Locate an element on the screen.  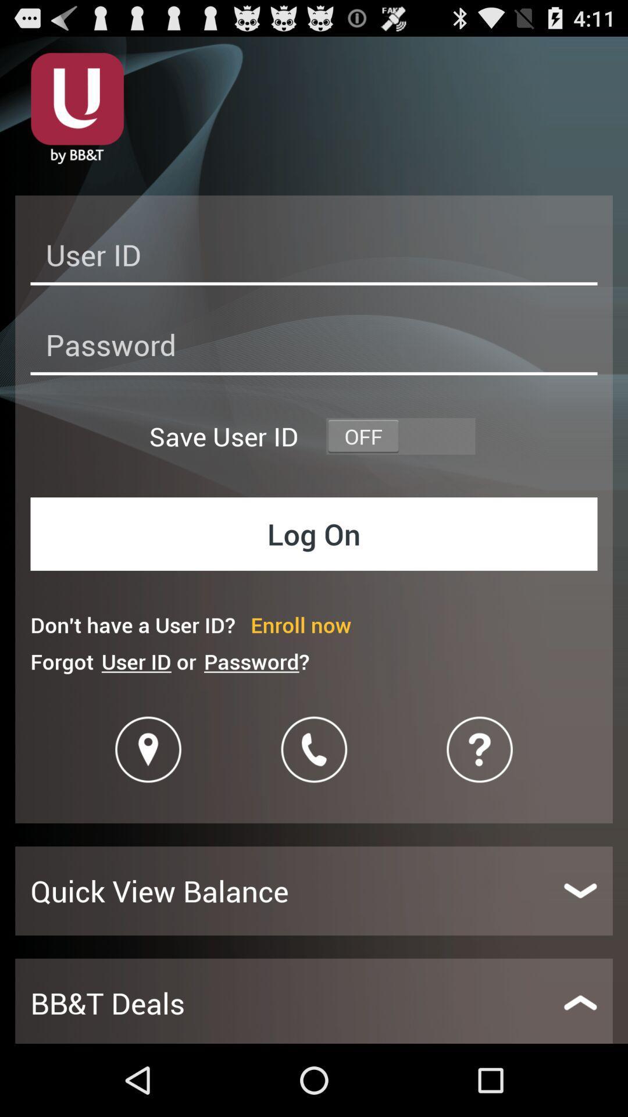
password is located at coordinates (314, 348).